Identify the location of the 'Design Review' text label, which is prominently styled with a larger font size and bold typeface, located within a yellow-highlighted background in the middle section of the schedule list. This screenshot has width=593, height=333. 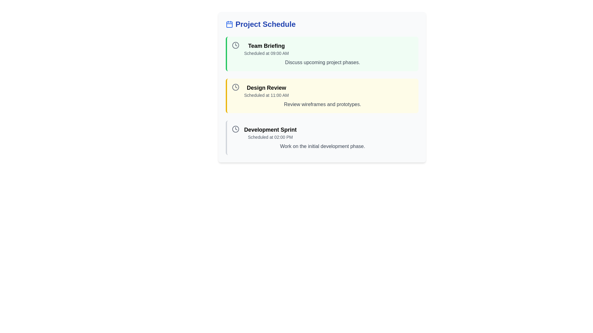
(266, 88).